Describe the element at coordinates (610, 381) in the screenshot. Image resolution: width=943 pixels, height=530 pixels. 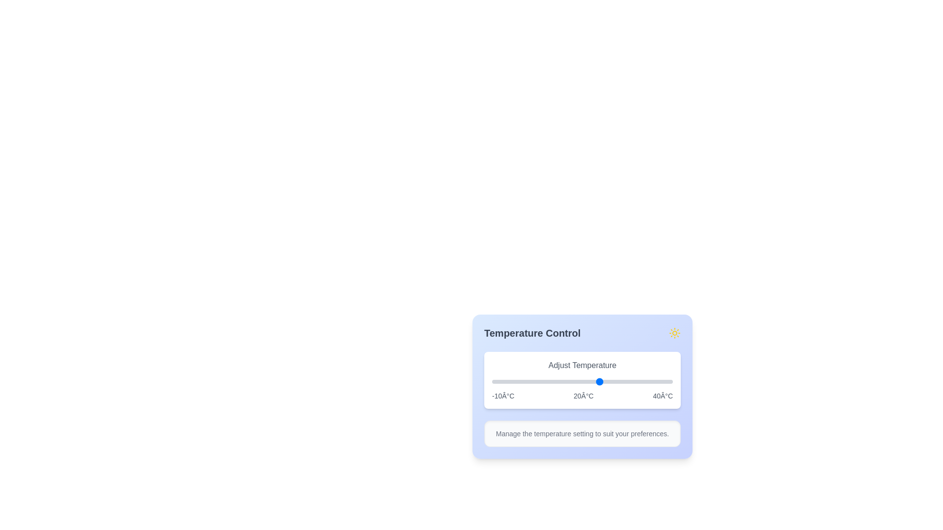
I see `the temperature slider to set the temperature to 23°C` at that location.